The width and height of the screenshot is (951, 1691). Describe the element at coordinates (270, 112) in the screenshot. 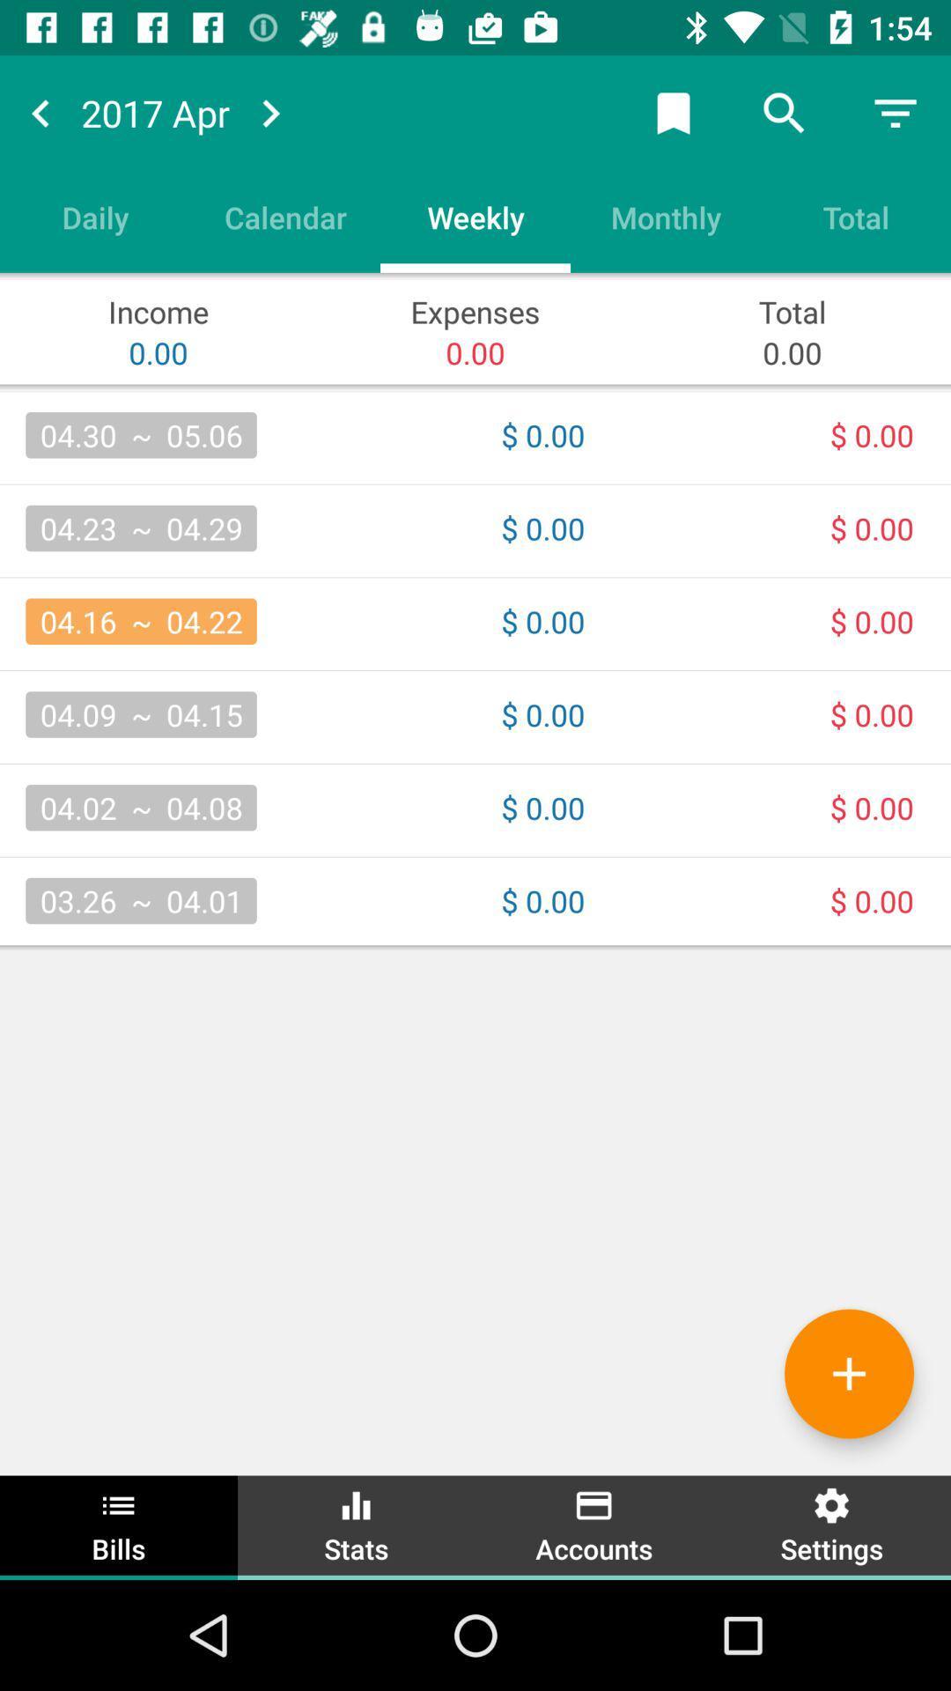

I see `go forward` at that location.